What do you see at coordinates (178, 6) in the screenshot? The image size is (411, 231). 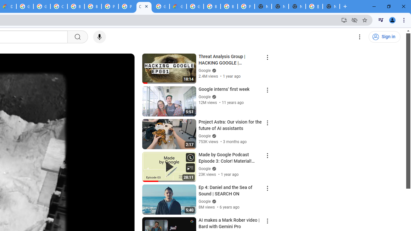 I see `'Google Cloud Estimate Summary'` at bounding box center [178, 6].